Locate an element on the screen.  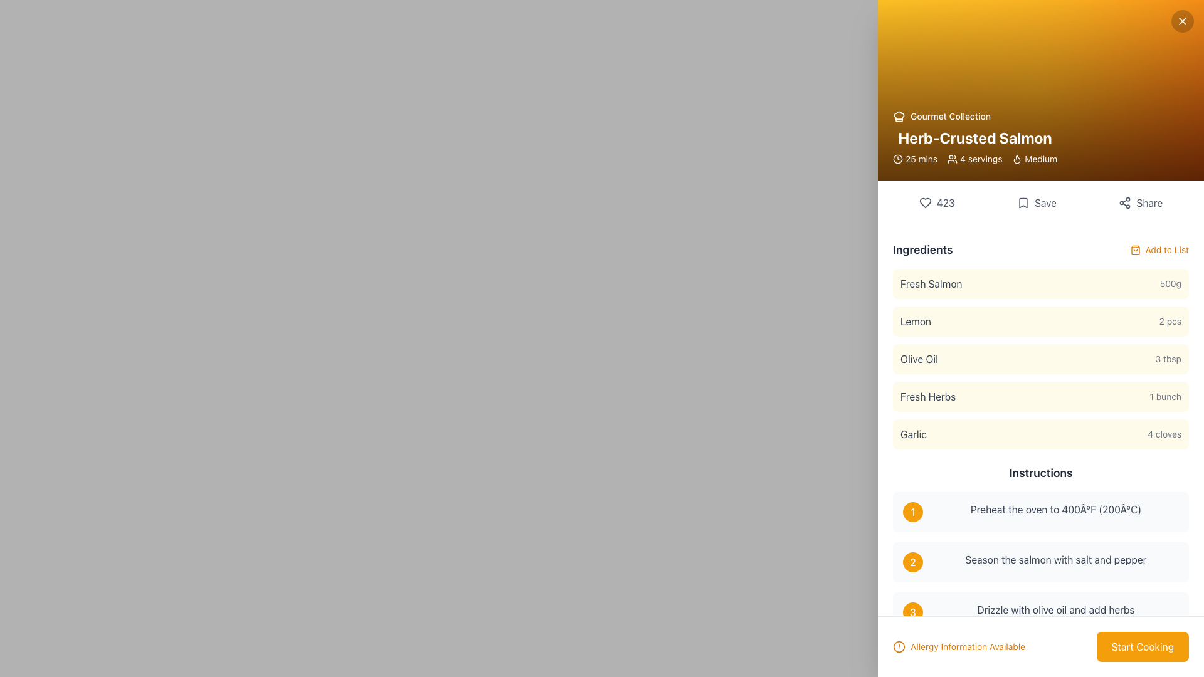
quantity of the fifth ingredient listed in the 'Ingredients' section, located below 'Fresh Herbs 1 bunch' and above the 'Instructions' section is located at coordinates (1041, 434).